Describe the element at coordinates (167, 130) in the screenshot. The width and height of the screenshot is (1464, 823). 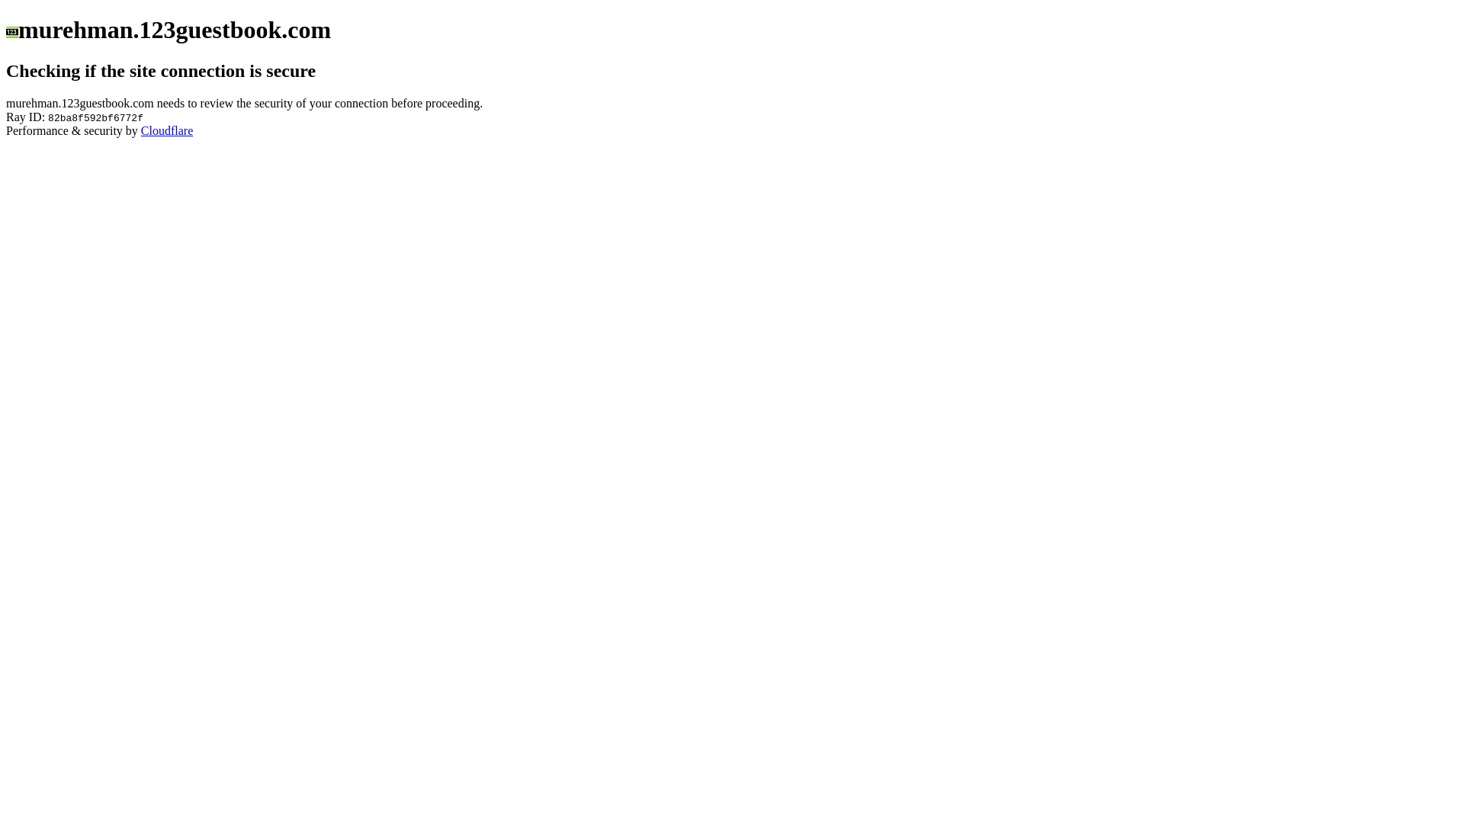
I see `'Cloudflare'` at that location.